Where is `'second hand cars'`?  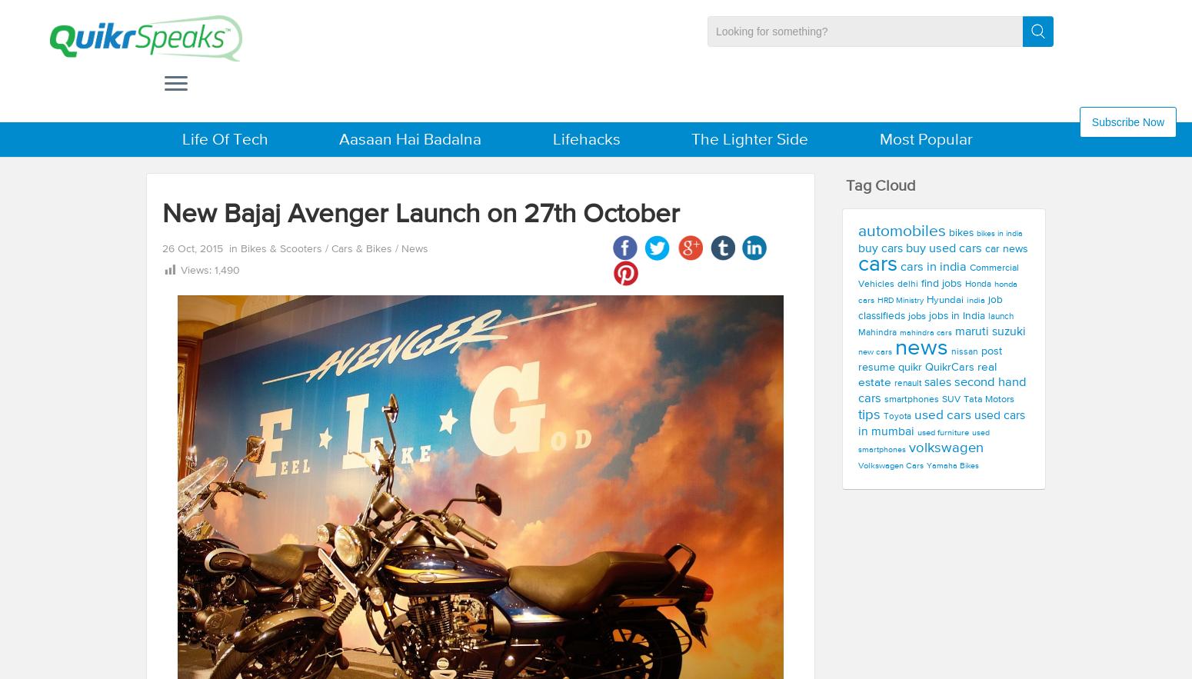 'second hand cars' is located at coordinates (942, 390).